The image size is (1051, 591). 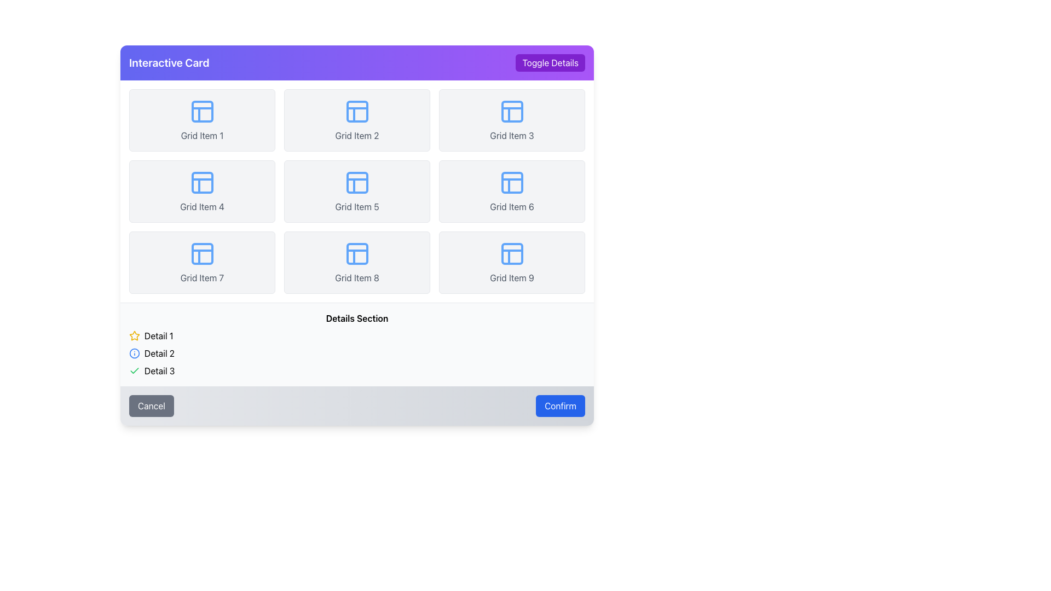 What do you see at coordinates (134, 335) in the screenshot?
I see `the status icon located to the left of the text 'Detail 1' in the details section beneath the grid layout` at bounding box center [134, 335].